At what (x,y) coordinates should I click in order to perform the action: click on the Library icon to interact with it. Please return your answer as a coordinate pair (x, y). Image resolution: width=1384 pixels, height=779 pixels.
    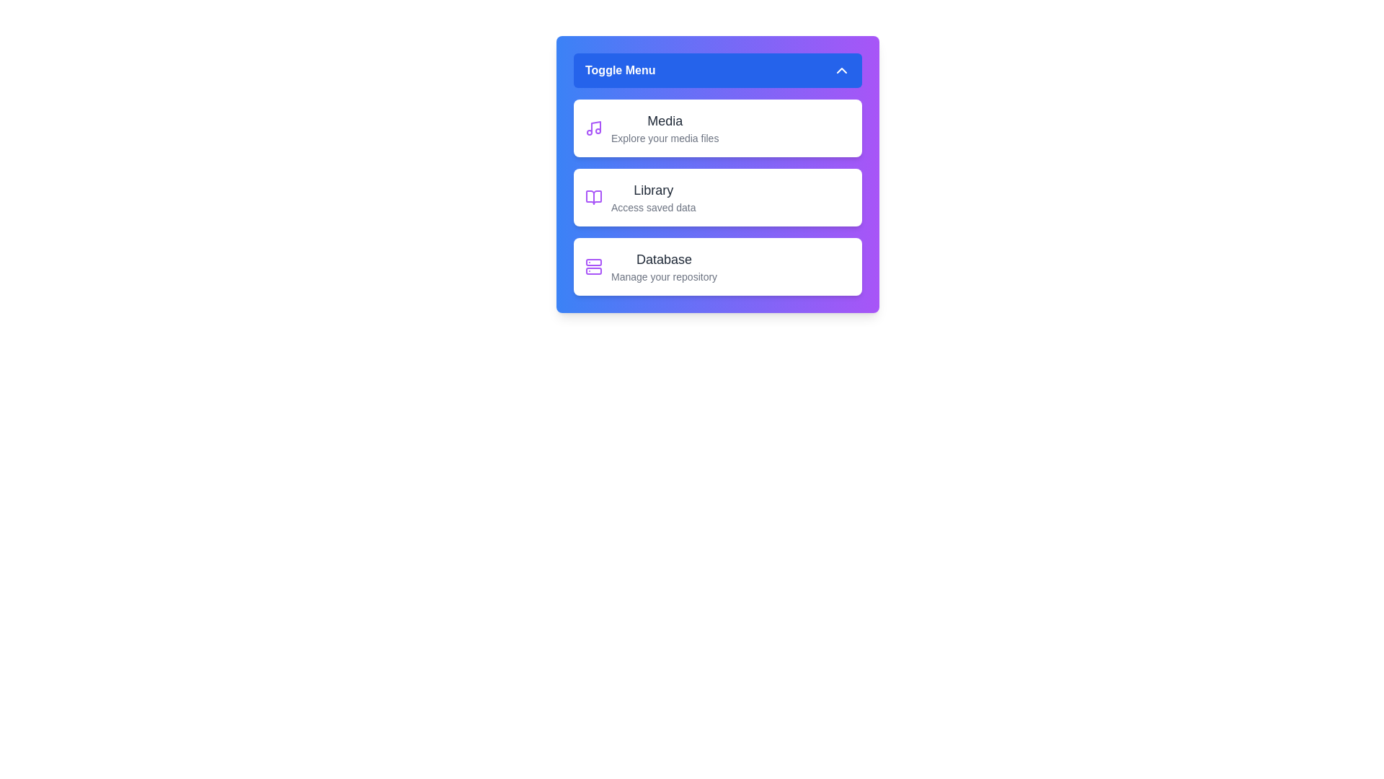
    Looking at the image, I should click on (594, 197).